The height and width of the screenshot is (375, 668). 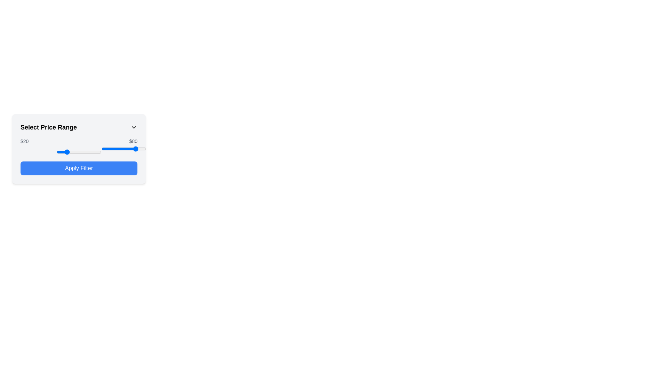 I want to click on the slider value, so click(x=78, y=152).